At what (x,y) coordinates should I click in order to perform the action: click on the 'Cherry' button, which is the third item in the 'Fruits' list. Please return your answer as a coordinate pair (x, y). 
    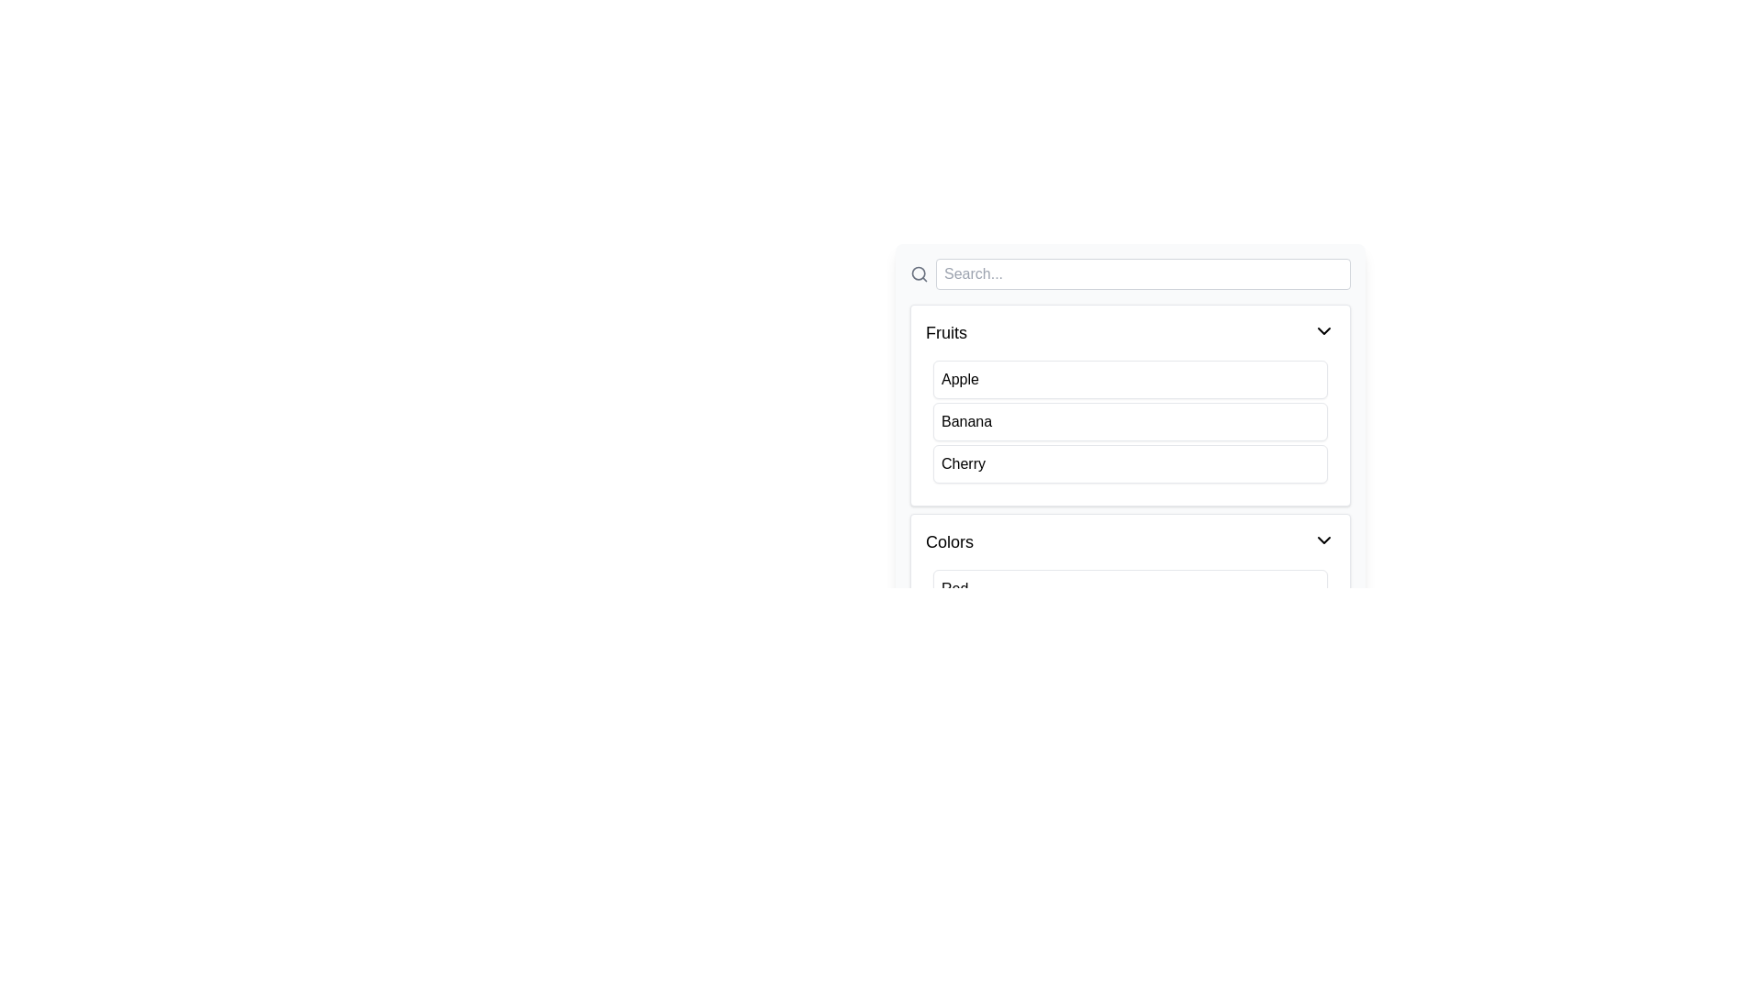
    Looking at the image, I should click on (1130, 462).